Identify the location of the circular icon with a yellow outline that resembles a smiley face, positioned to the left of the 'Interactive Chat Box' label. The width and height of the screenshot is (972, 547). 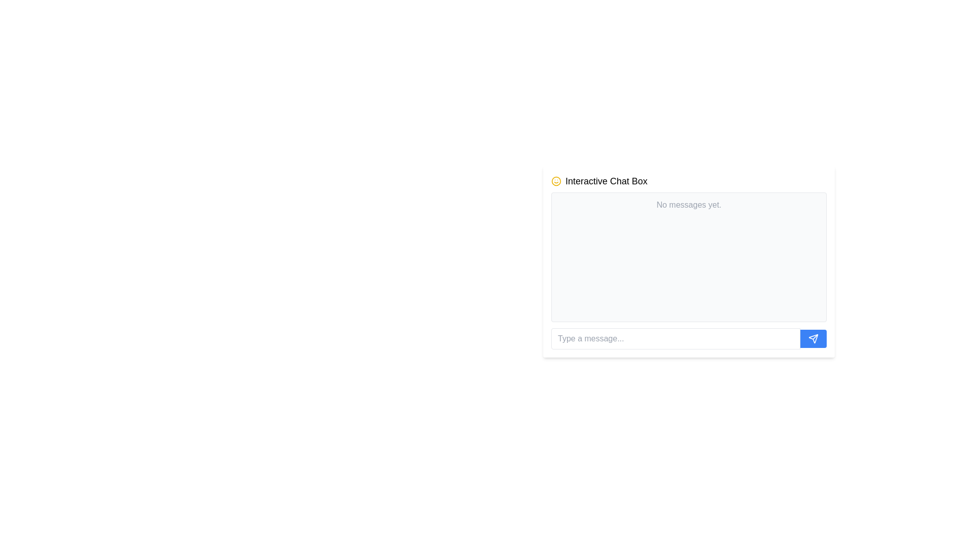
(556, 181).